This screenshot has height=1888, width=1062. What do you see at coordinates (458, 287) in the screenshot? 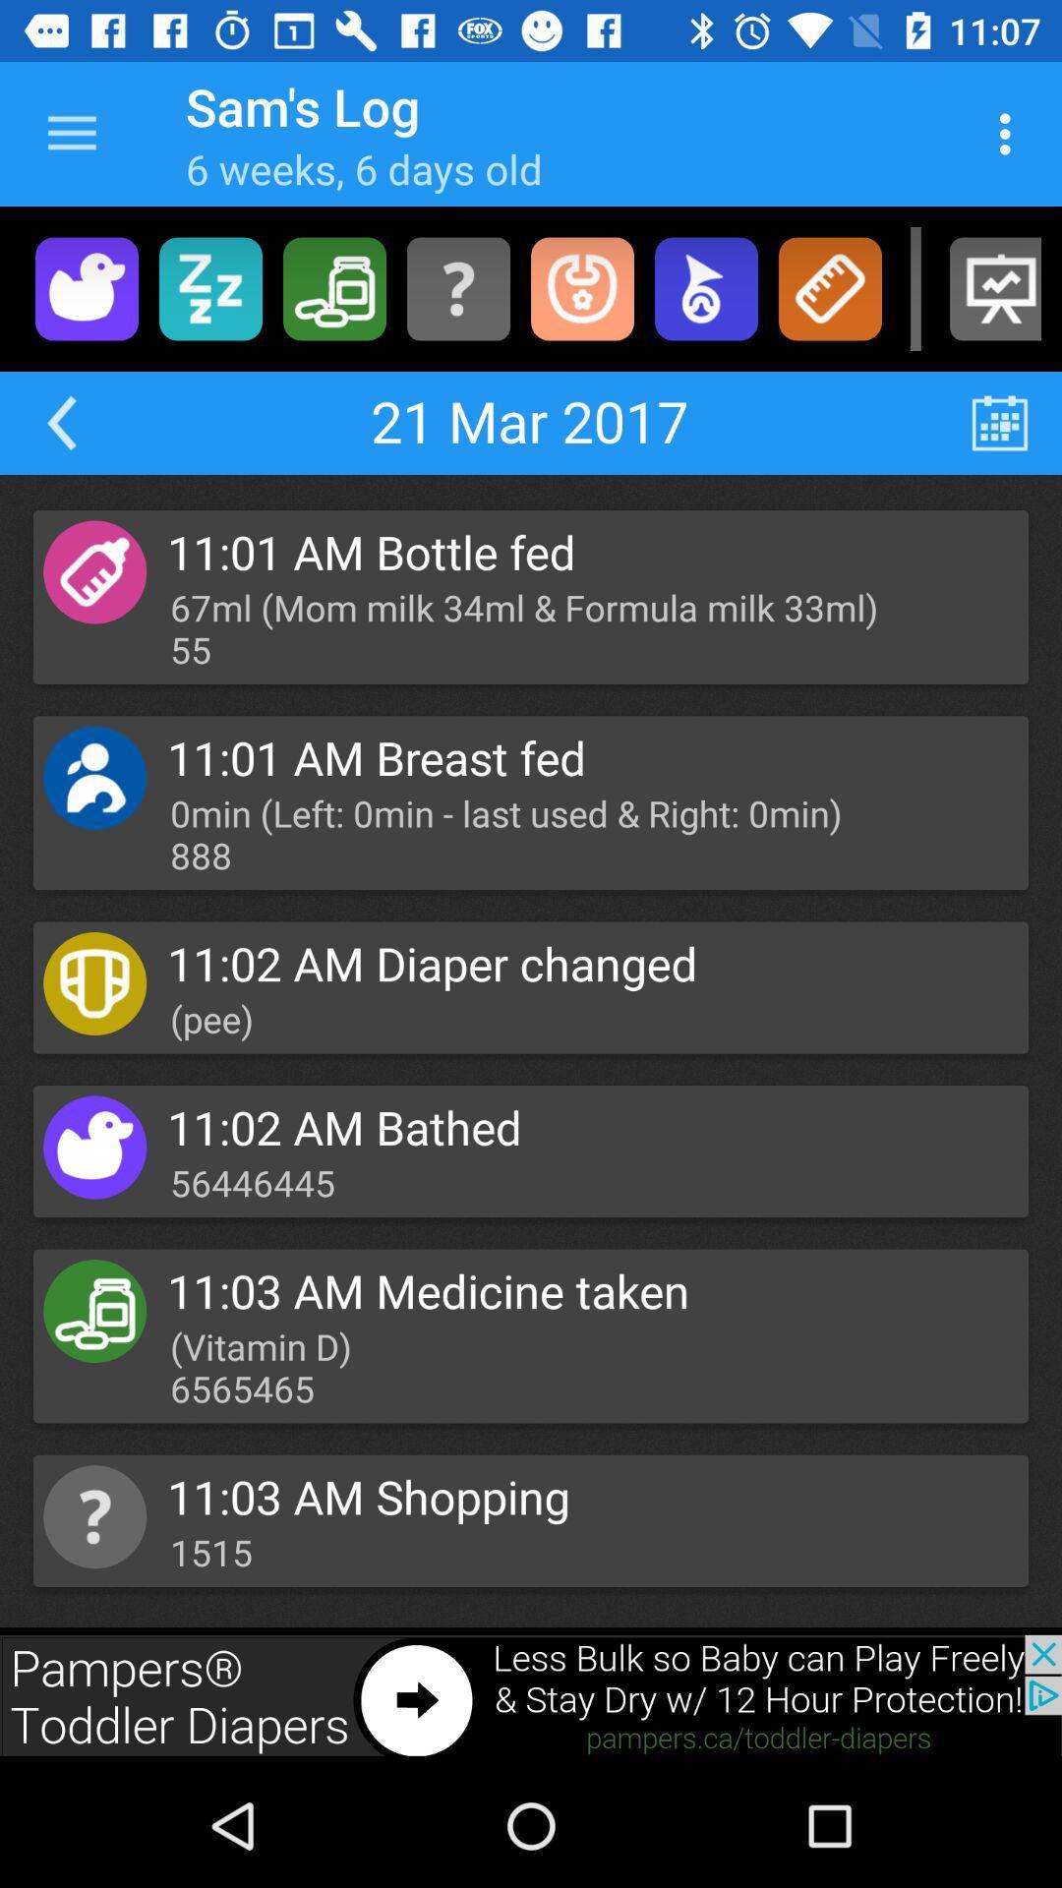
I see `misc options` at bounding box center [458, 287].